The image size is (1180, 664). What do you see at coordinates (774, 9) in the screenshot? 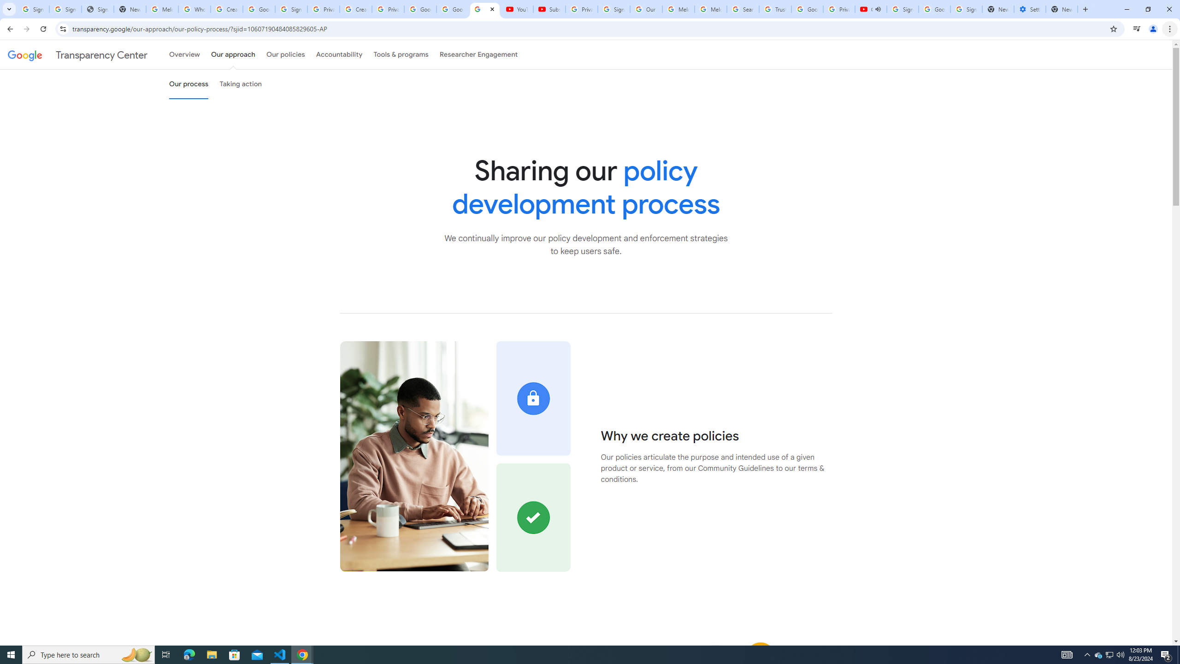
I see `'Trusted Information and Content - Google Safety Center'` at bounding box center [774, 9].